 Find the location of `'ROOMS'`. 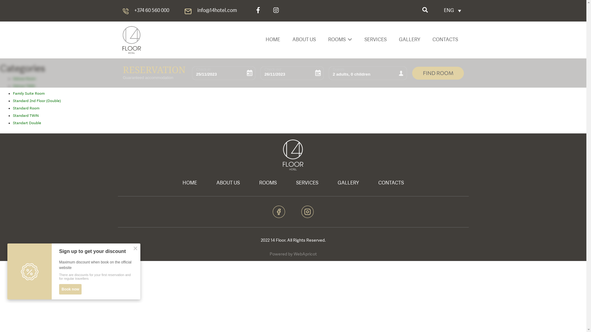

'ROOMS' is located at coordinates (268, 183).